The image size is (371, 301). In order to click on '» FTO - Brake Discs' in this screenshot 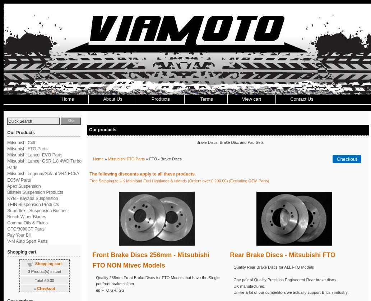, I will do `click(163, 158)`.